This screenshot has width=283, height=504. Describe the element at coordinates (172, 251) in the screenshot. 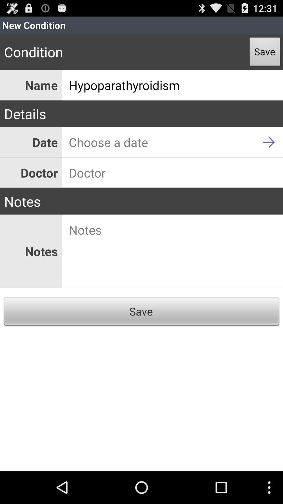

I see `notation box` at that location.